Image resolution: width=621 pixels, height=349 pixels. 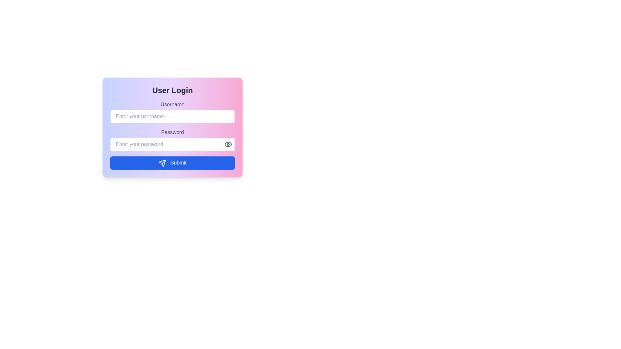 I want to click on the Text Header element which serves as the title for the login form, positioned at the top center above the Username and Password fields, so click(x=172, y=90).